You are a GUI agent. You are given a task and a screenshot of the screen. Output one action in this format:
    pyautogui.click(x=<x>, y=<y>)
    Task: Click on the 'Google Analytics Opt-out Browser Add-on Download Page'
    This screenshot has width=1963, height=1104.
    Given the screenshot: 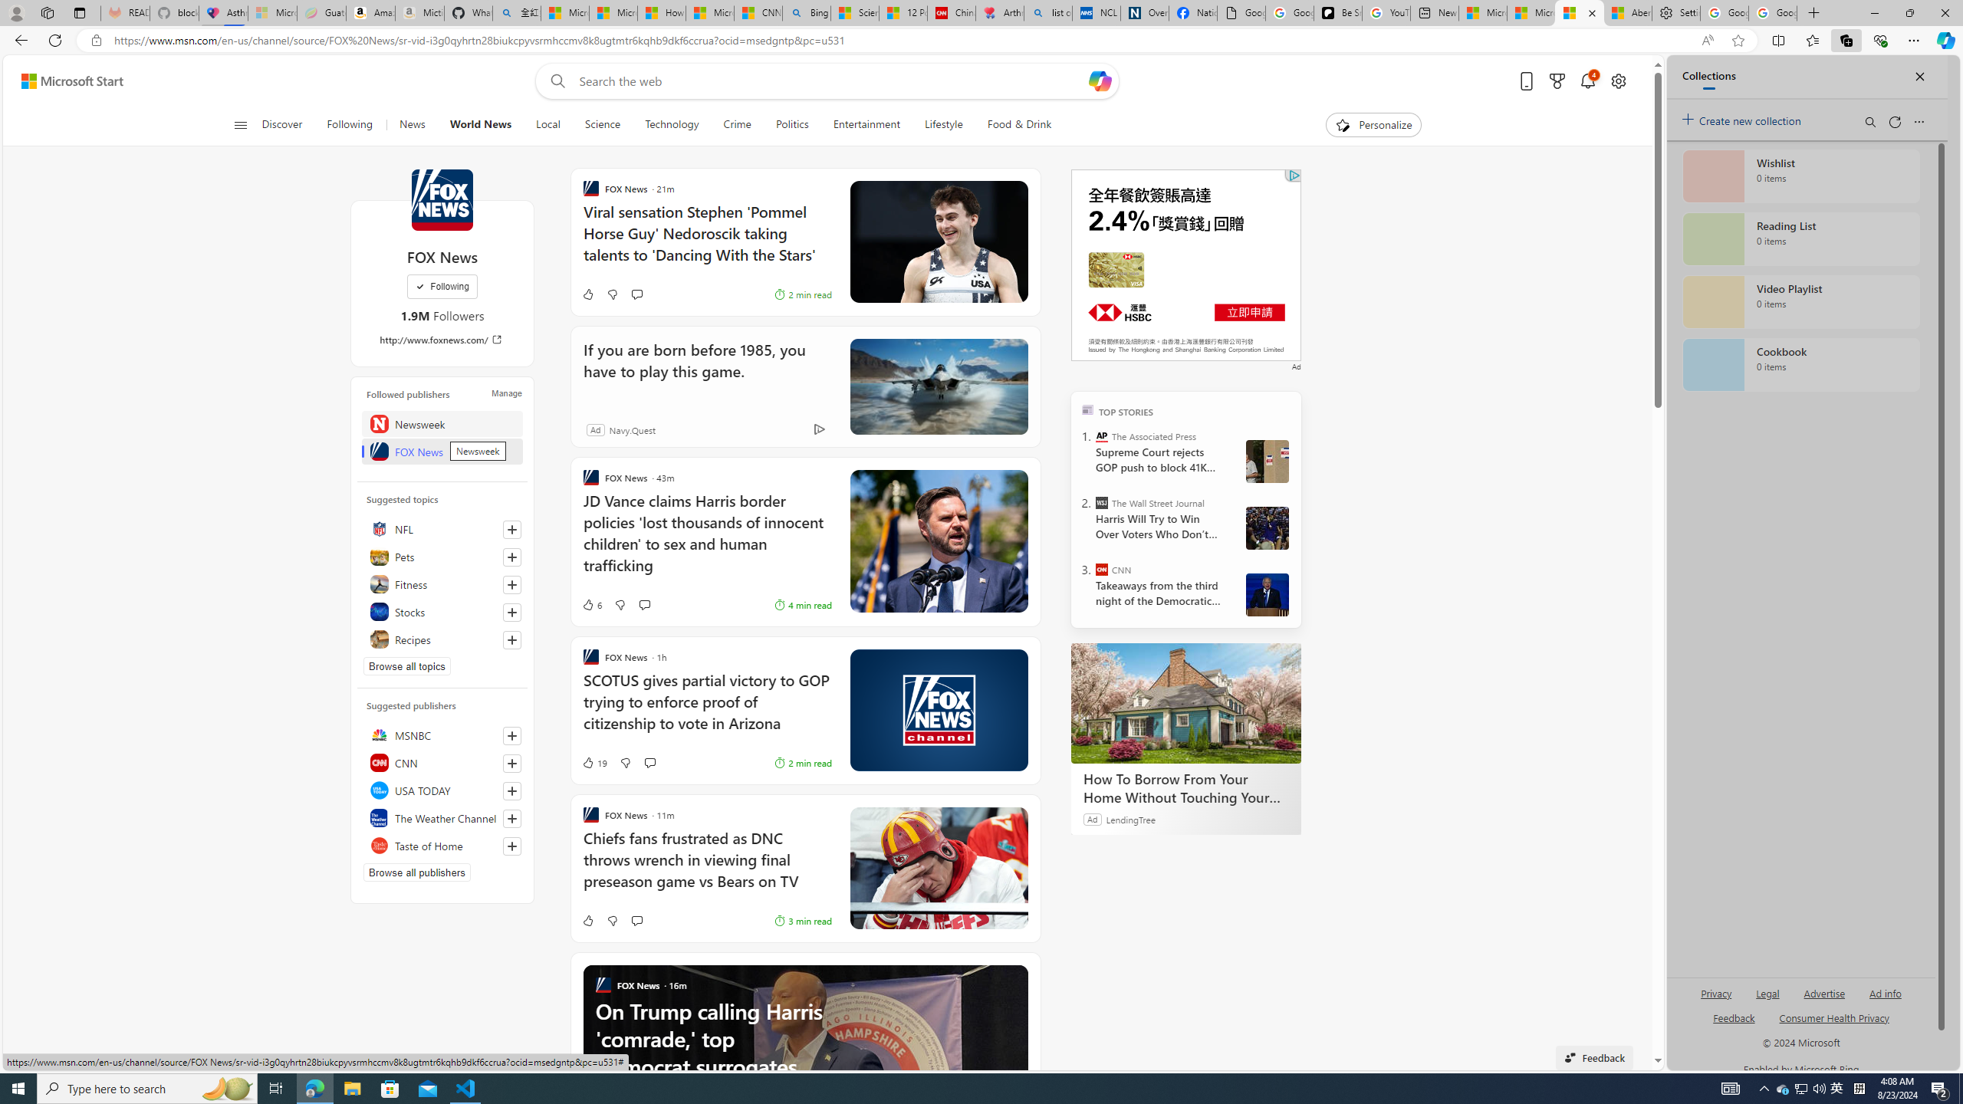 What is the action you would take?
    pyautogui.click(x=1241, y=12)
    